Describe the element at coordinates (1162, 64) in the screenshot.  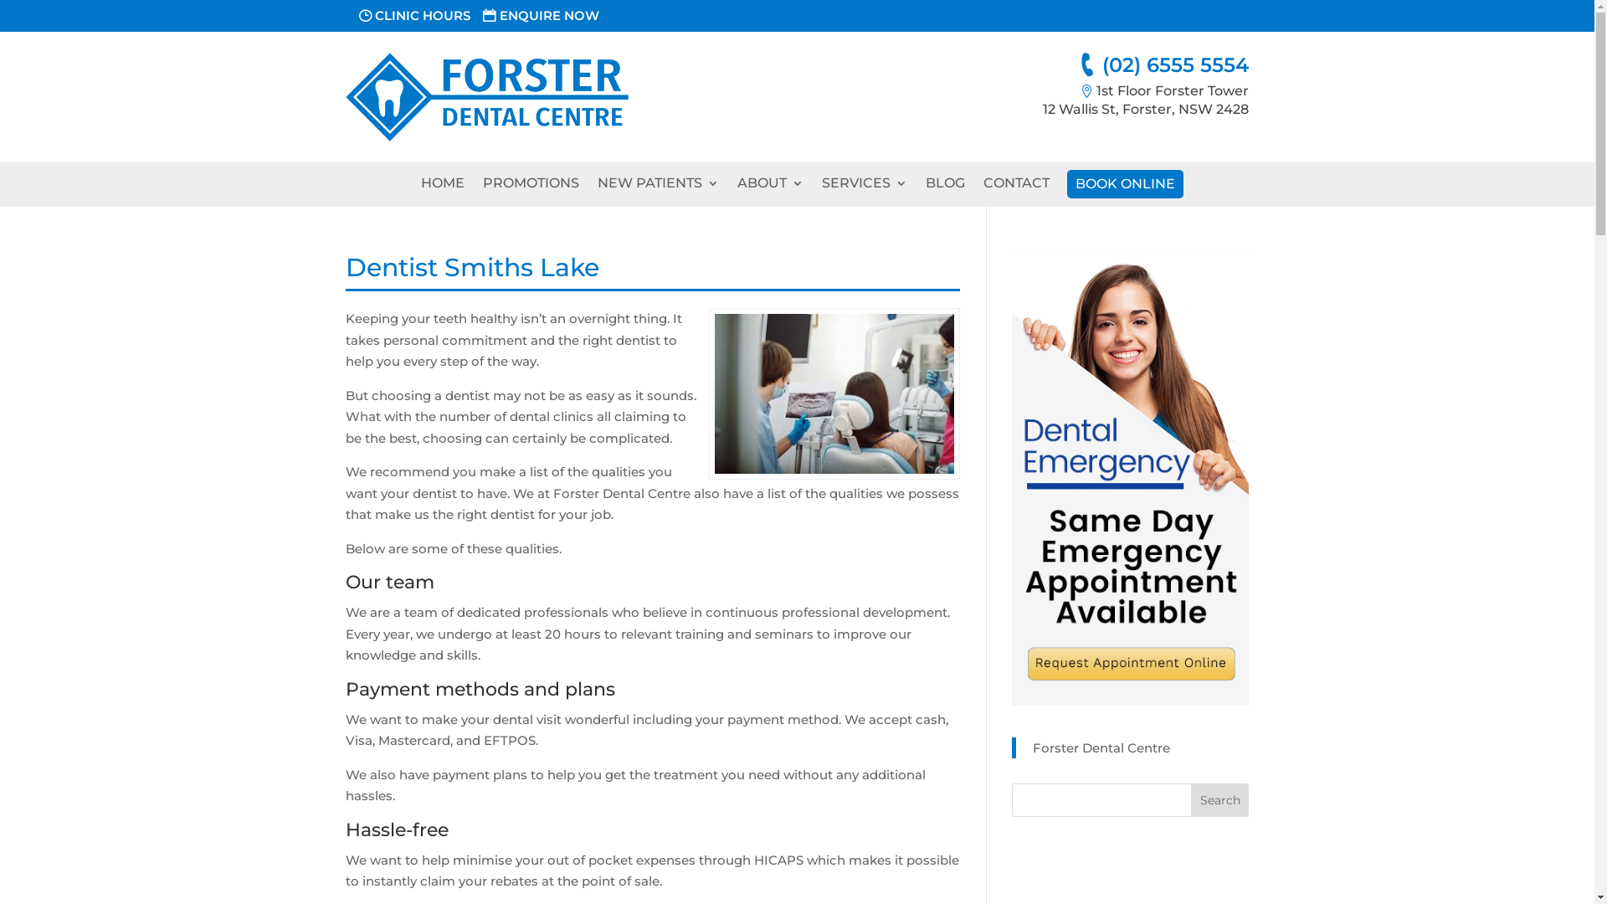
I see `'(02) 6555 5554'` at that location.